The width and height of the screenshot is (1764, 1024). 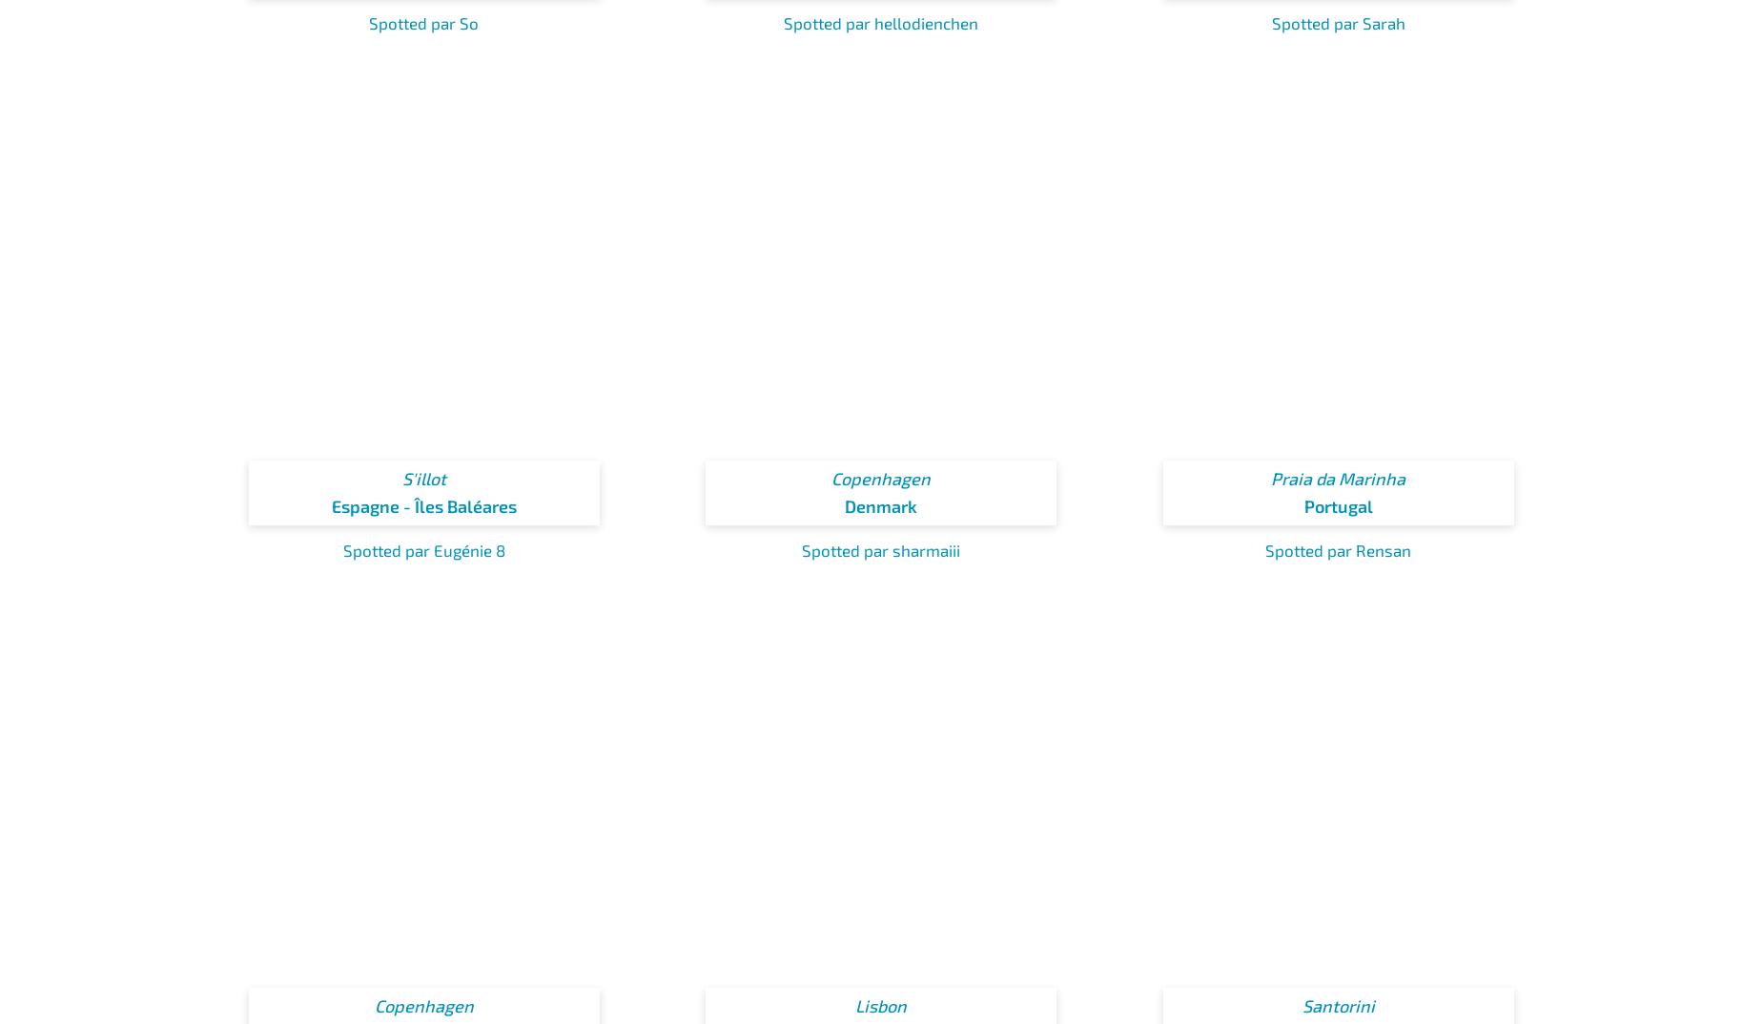 What do you see at coordinates (881, 505) in the screenshot?
I see `'Denmark'` at bounding box center [881, 505].